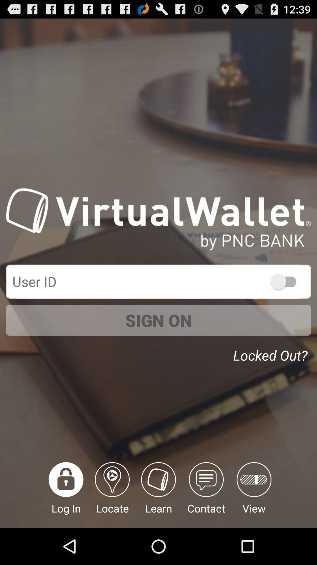 The width and height of the screenshot is (317, 565). I want to click on the sign on item, so click(158, 320).